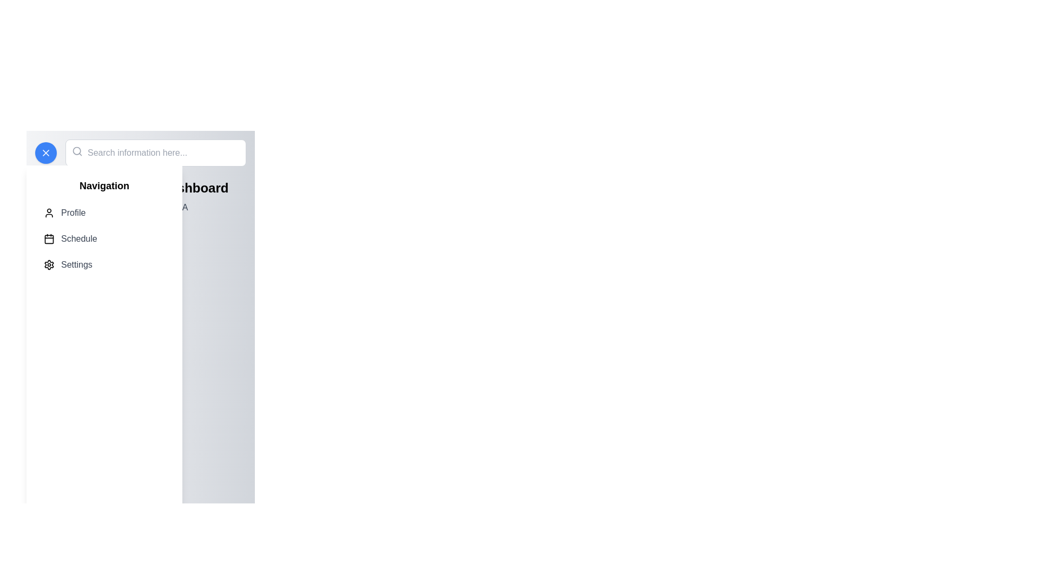 The height and width of the screenshot is (584, 1039). Describe the element at coordinates (104, 238) in the screenshot. I see `the second listed item in the navigation menu located under the 'Navigation' sidebar panel` at that location.